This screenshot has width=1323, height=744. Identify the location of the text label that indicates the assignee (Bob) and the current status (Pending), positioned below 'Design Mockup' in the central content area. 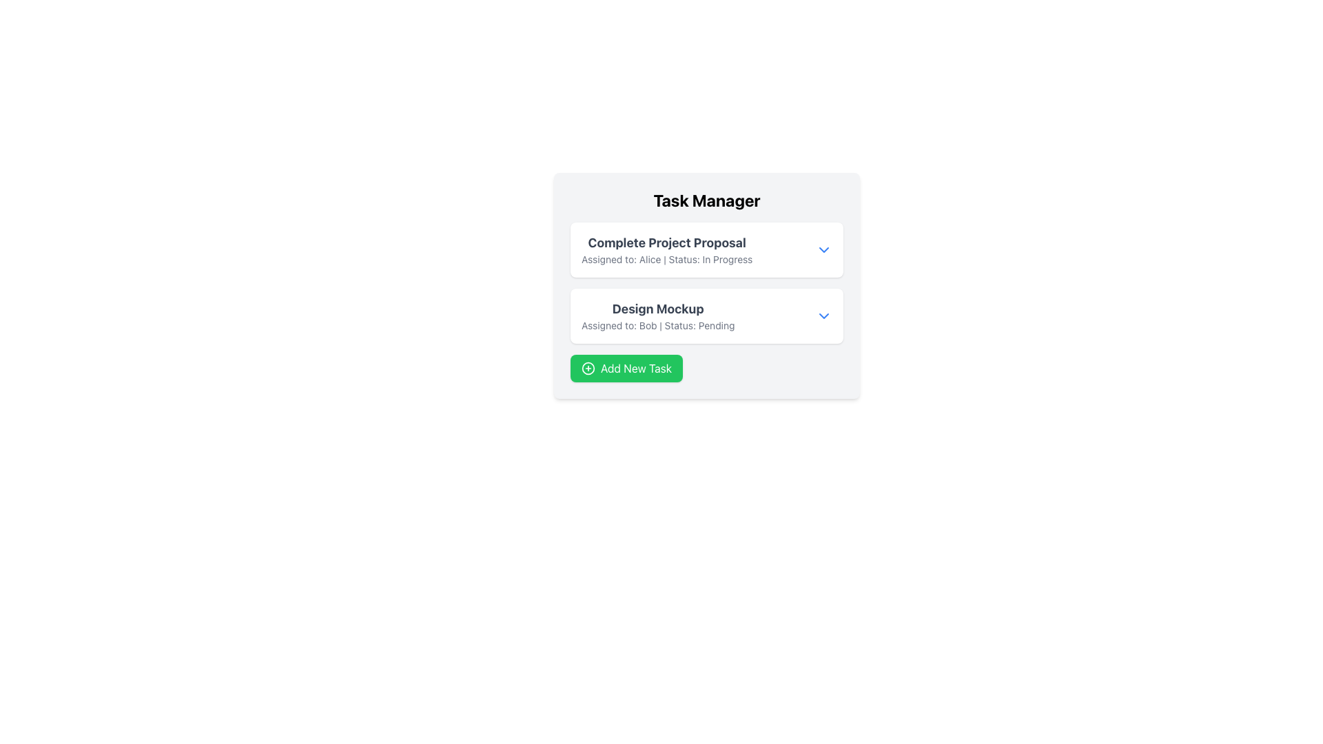
(657, 326).